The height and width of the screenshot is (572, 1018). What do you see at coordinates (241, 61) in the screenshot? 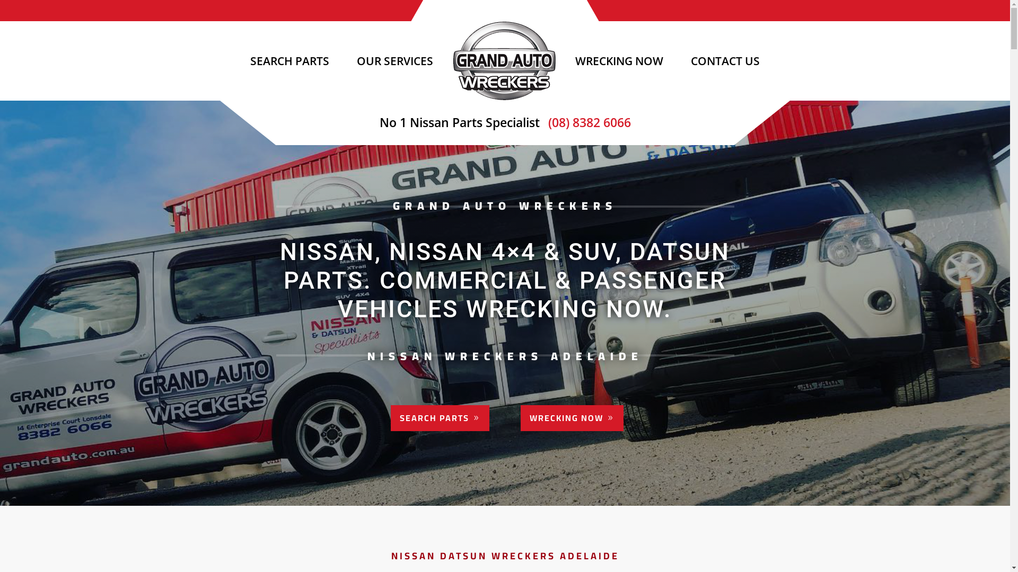
I see `'SEARCH PARTS'` at bounding box center [241, 61].